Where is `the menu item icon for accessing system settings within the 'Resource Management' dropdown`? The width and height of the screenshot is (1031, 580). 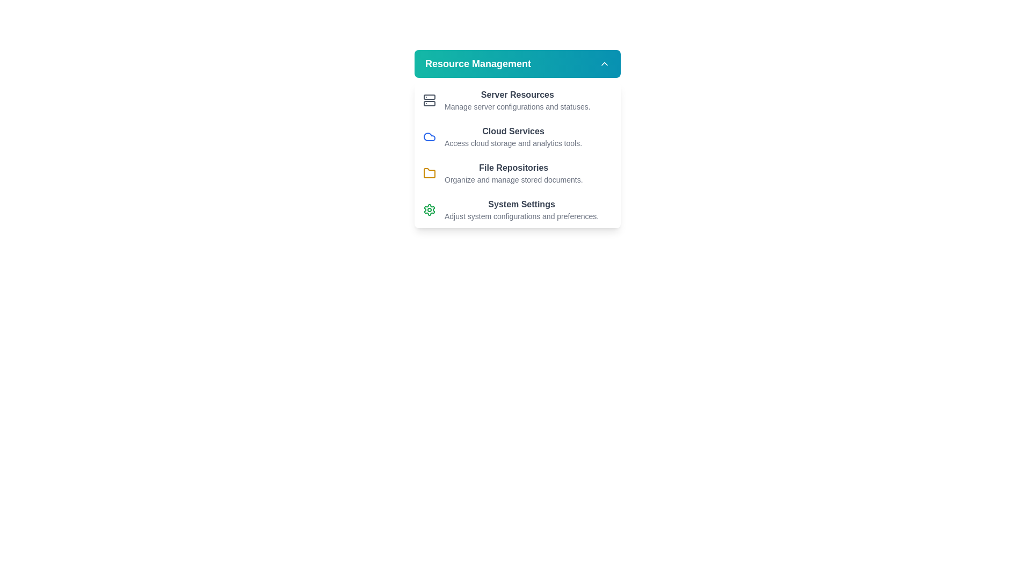 the menu item icon for accessing system settings within the 'Resource Management' dropdown is located at coordinates (430, 209).